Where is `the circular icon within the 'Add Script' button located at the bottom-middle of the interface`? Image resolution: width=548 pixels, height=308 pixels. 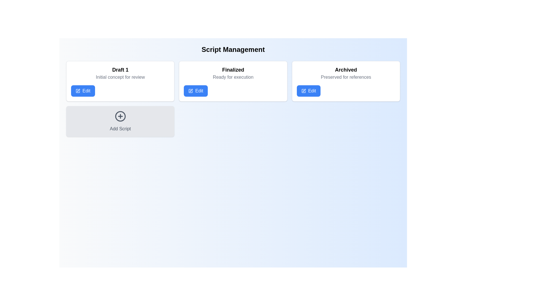 the circular icon within the 'Add Script' button located at the bottom-middle of the interface is located at coordinates (120, 116).